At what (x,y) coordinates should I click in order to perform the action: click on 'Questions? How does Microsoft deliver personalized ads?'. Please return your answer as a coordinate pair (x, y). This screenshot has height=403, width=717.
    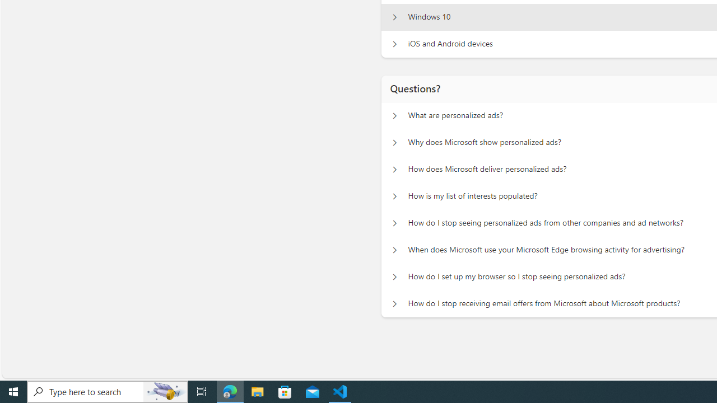
    Looking at the image, I should click on (394, 170).